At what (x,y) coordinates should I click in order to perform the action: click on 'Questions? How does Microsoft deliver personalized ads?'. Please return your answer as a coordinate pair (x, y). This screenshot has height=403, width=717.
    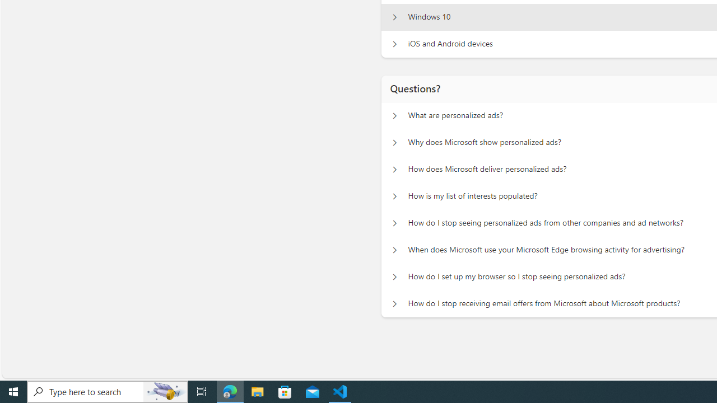
    Looking at the image, I should click on (394, 170).